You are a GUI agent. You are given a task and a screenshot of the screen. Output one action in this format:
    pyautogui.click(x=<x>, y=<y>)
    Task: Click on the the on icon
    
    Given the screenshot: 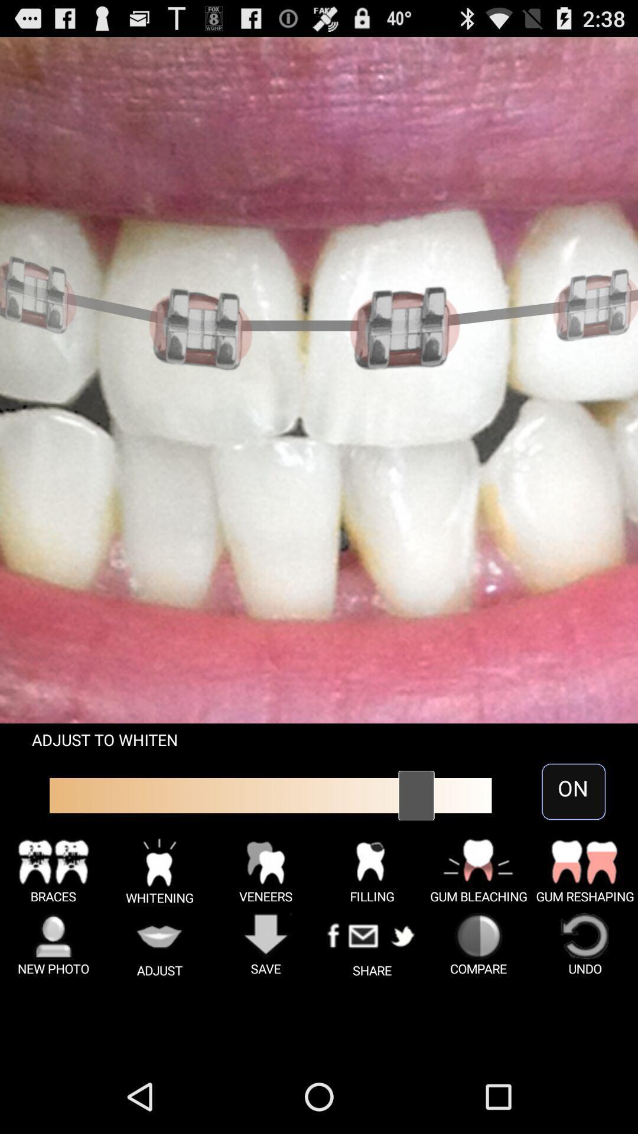 What is the action you would take?
    pyautogui.click(x=573, y=791)
    